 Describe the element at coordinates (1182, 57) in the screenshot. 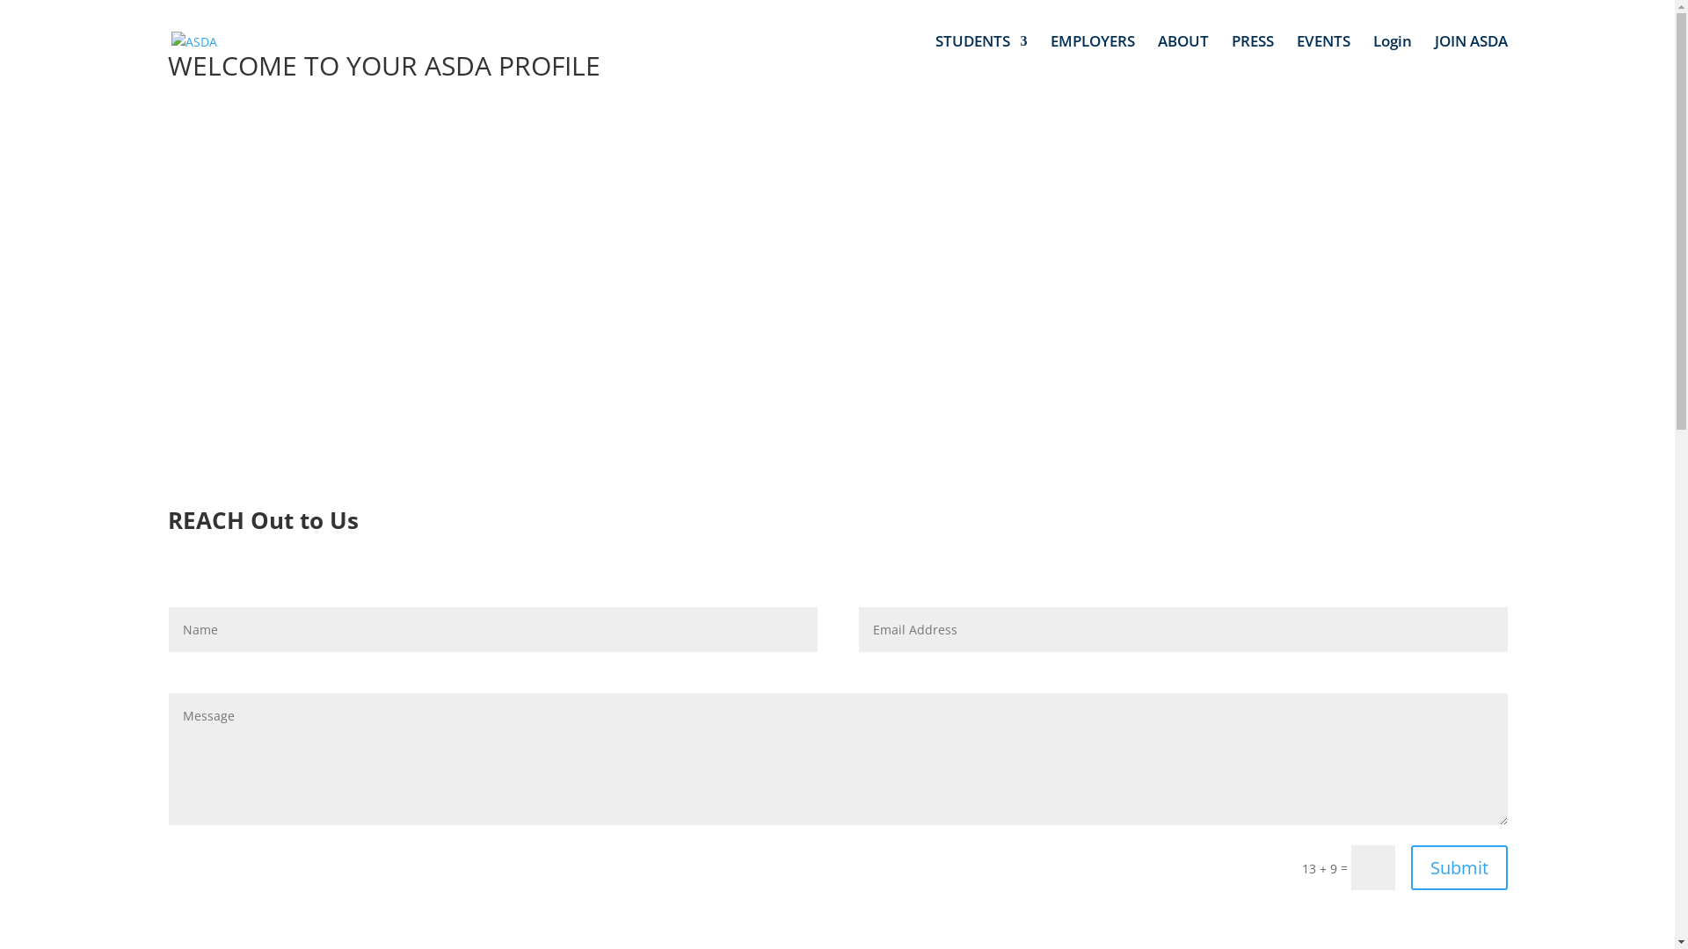

I see `'ABOUT'` at that location.